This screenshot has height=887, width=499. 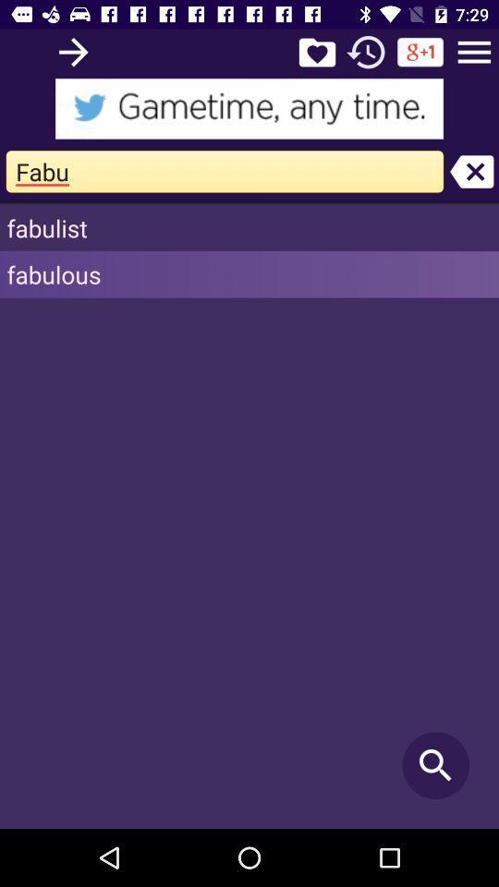 I want to click on show past searches, so click(x=366, y=51).